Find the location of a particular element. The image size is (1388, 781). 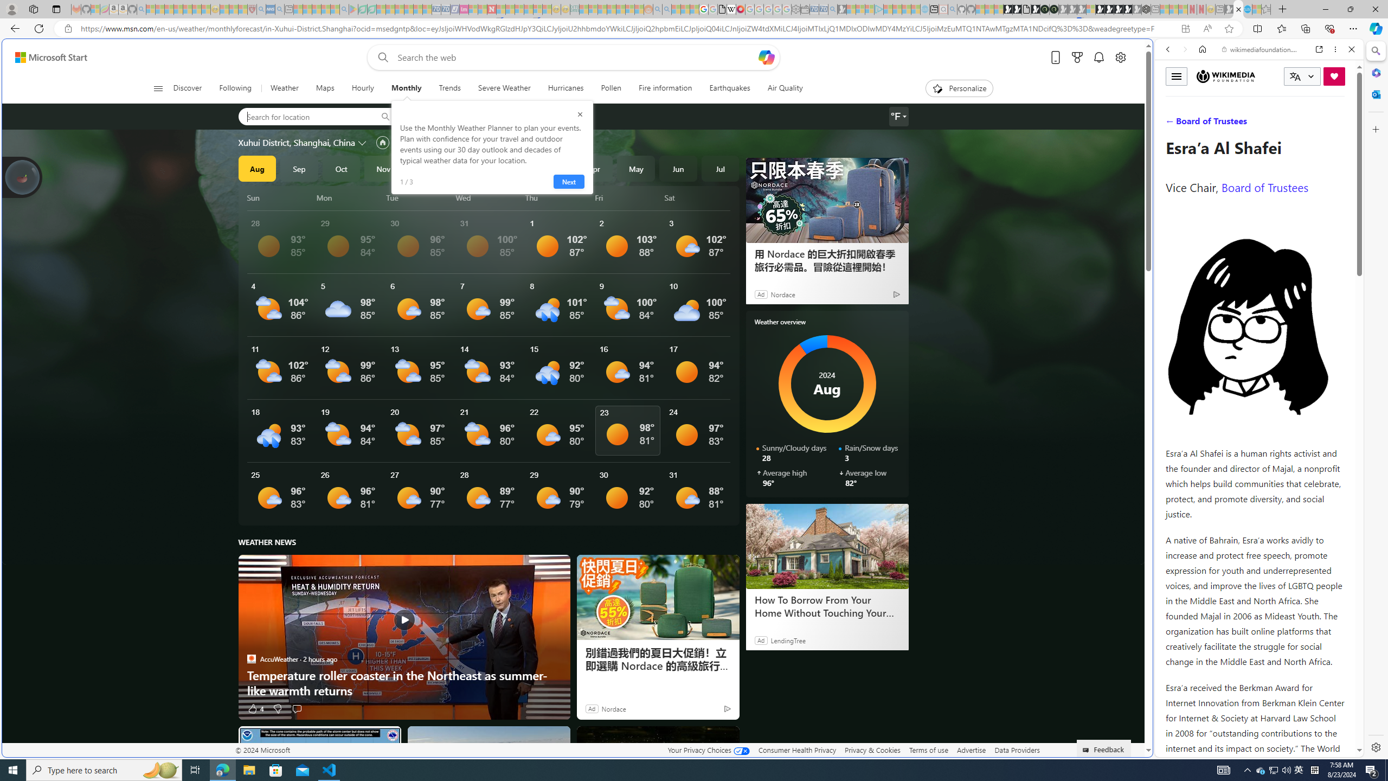

'Aug' is located at coordinates (256, 168).